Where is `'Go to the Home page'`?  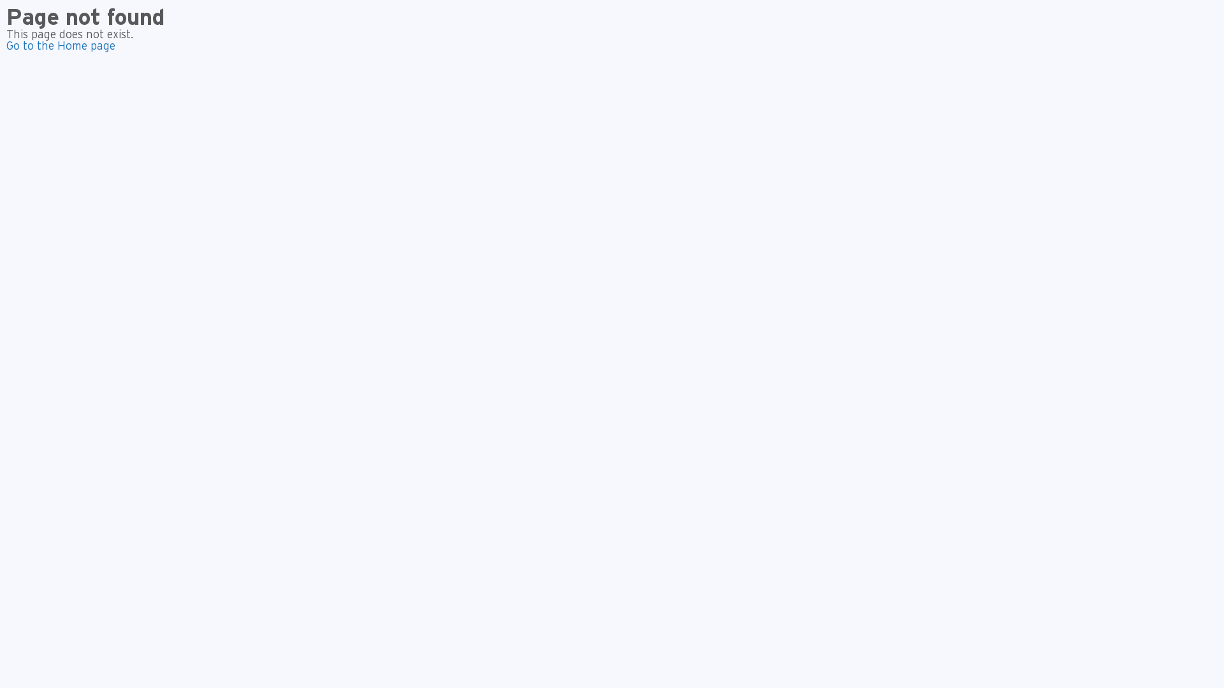 'Go to the Home page' is located at coordinates (60, 46).